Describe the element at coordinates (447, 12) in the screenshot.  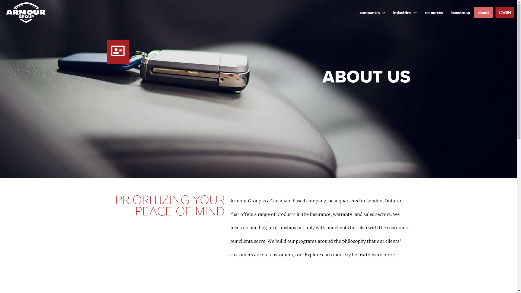
I see `'boostmap'` at that location.